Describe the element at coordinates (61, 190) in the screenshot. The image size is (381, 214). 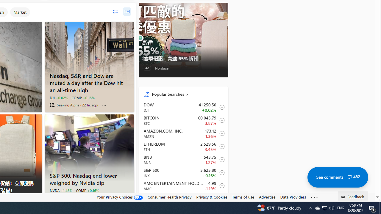
I see `'NVDA +1.46%'` at that location.